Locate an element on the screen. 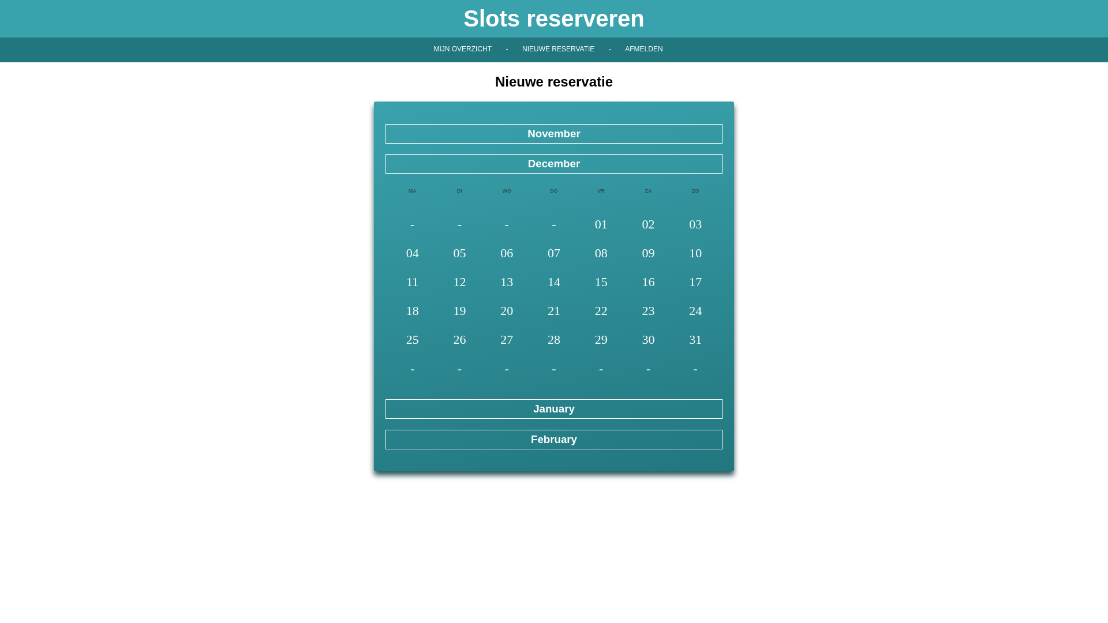 The width and height of the screenshot is (1108, 623). '28' is located at coordinates (554, 340).